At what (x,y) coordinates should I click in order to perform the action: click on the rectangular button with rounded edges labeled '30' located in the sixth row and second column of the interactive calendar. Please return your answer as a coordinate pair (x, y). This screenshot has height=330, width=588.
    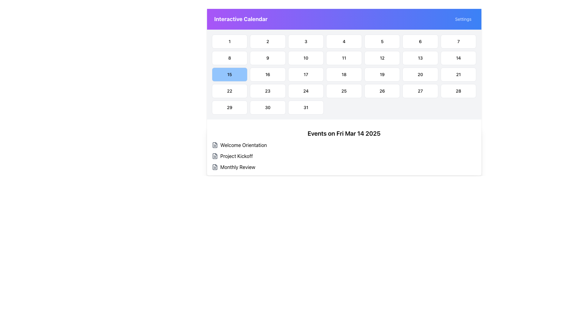
    Looking at the image, I should click on (267, 107).